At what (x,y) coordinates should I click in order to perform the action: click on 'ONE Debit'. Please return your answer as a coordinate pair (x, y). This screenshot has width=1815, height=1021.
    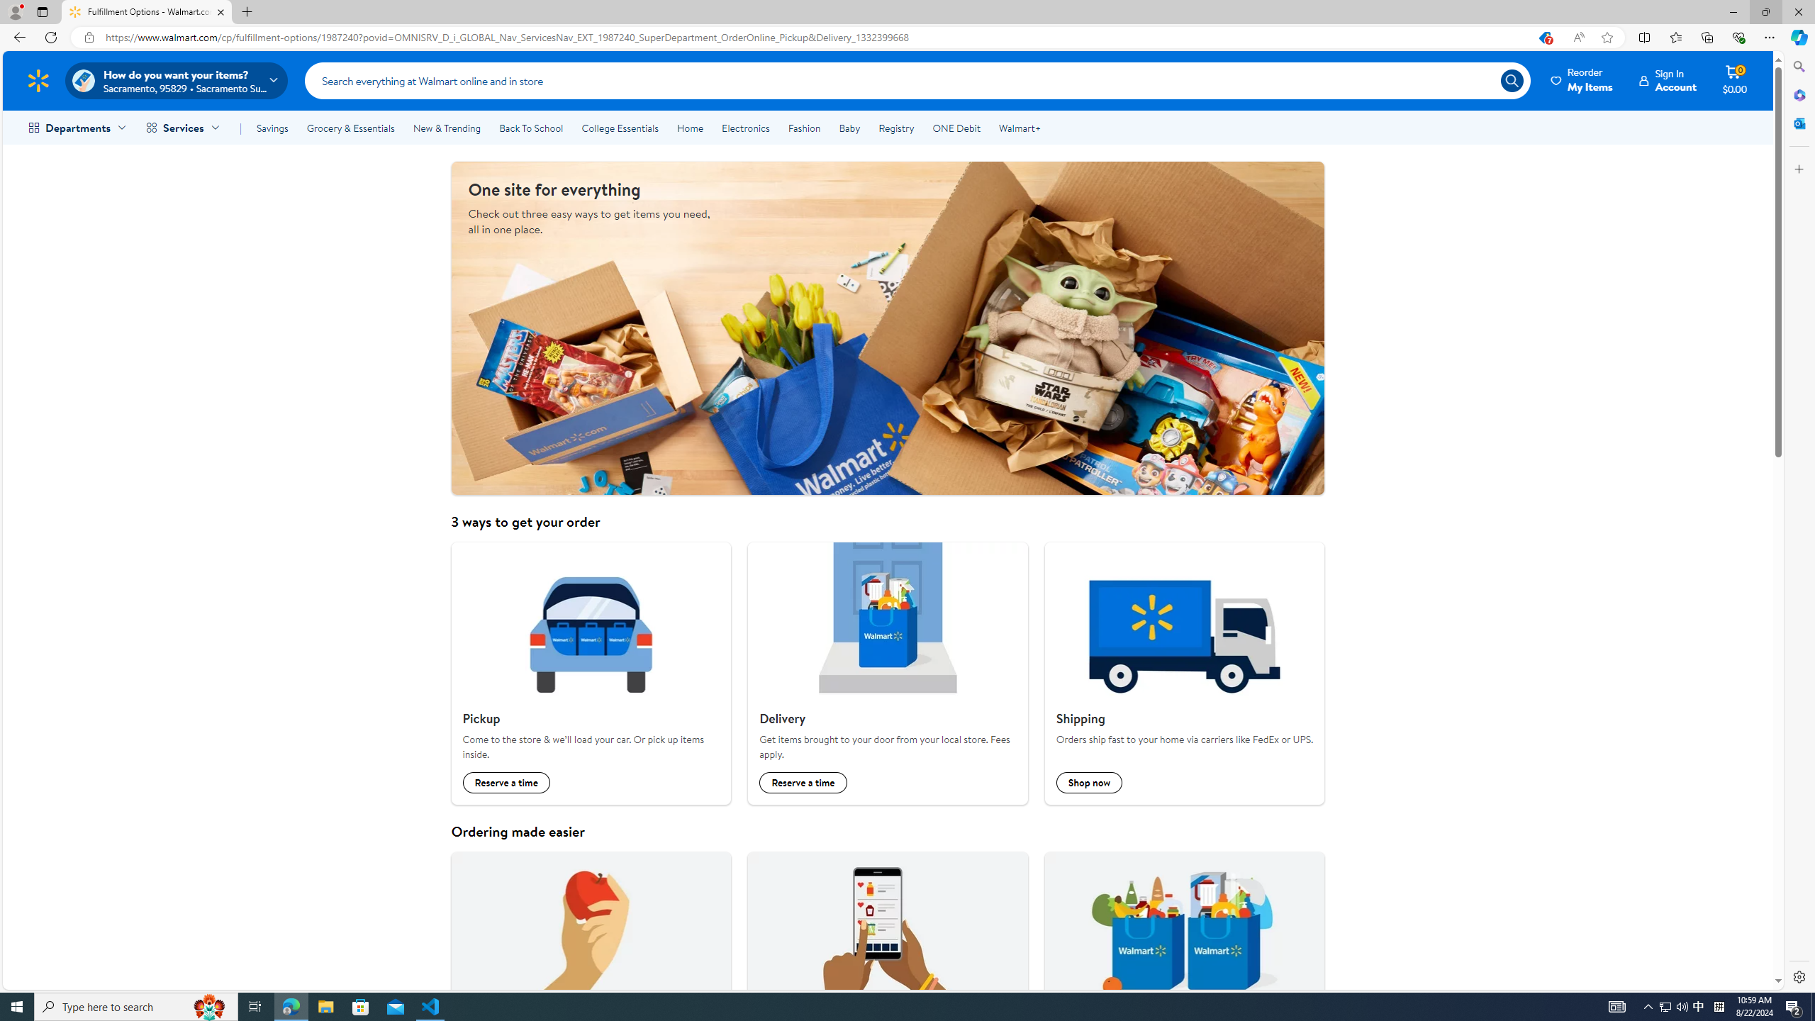
    Looking at the image, I should click on (956, 128).